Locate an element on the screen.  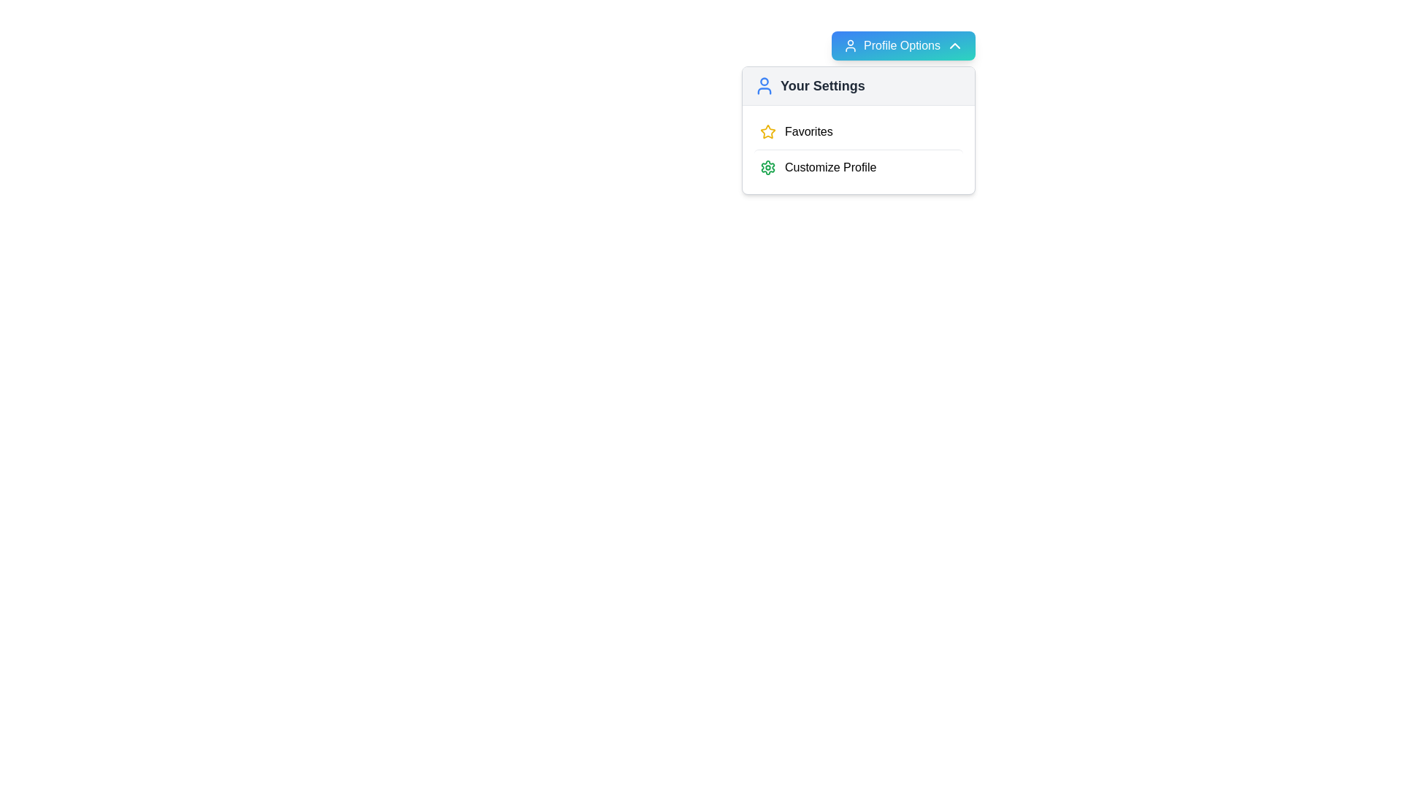
the header labeled 'Your Settings' which is bold, dark-colored text on a light gray background, with a blue user icon to the left, located at the top of the dropdown menu is located at coordinates (859, 86).